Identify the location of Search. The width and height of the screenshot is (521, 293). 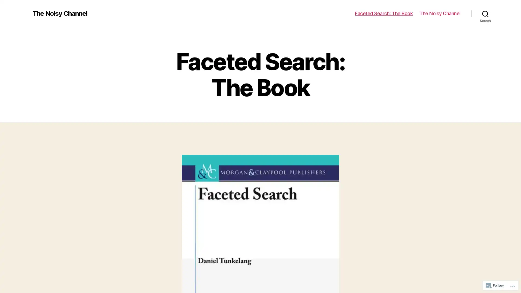
(485, 13).